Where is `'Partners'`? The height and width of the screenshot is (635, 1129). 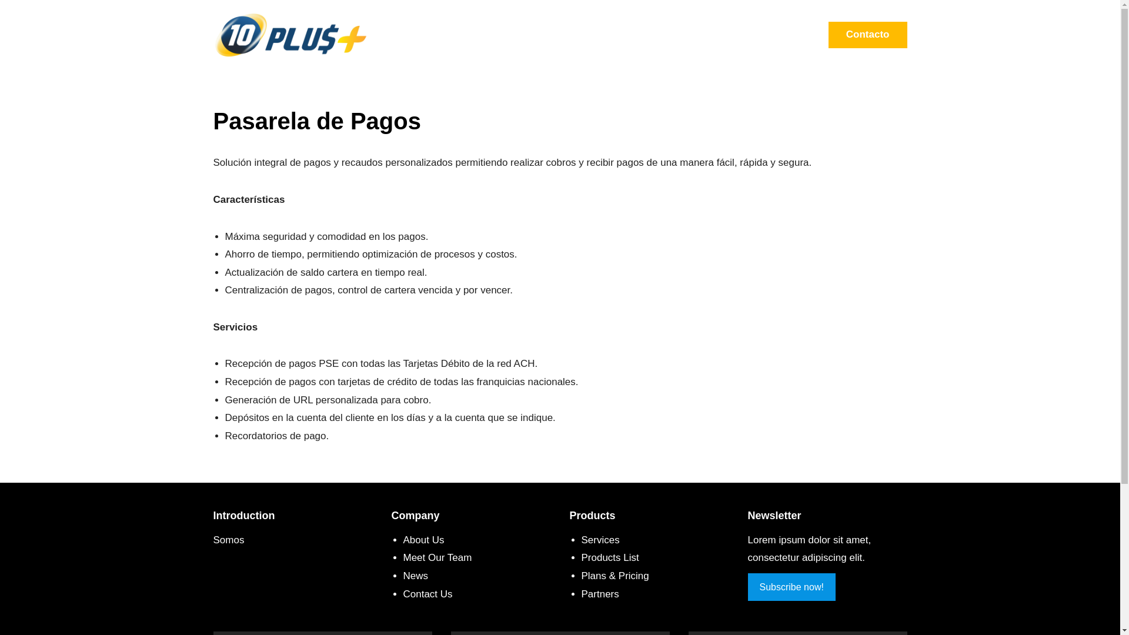
'Partners' is located at coordinates (599, 594).